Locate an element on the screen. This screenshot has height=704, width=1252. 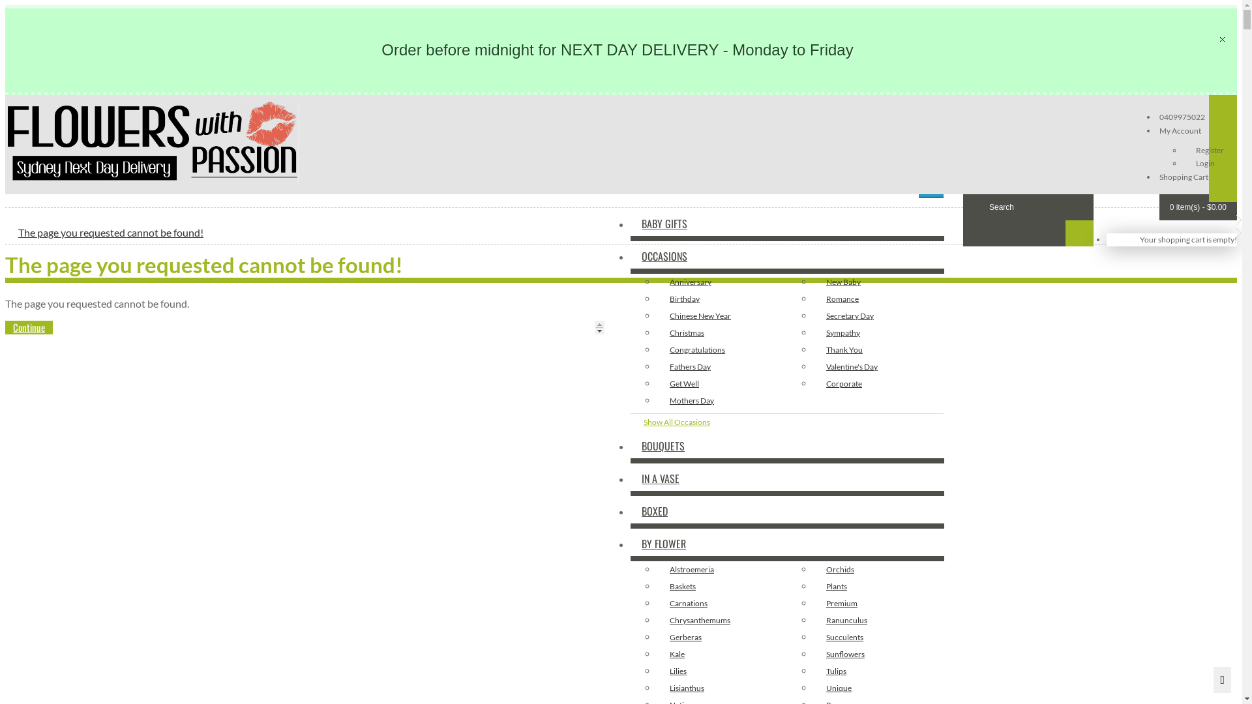
'New Baby' is located at coordinates (878, 281).